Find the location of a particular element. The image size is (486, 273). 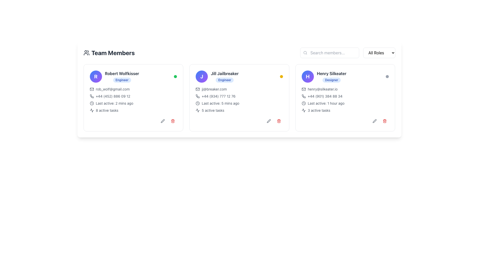

the telephone handset icon located in the contact card of 'Henry Silkeater', which is adjacent to the phone number '+44 (901) 384 88 34' is located at coordinates (303, 96).